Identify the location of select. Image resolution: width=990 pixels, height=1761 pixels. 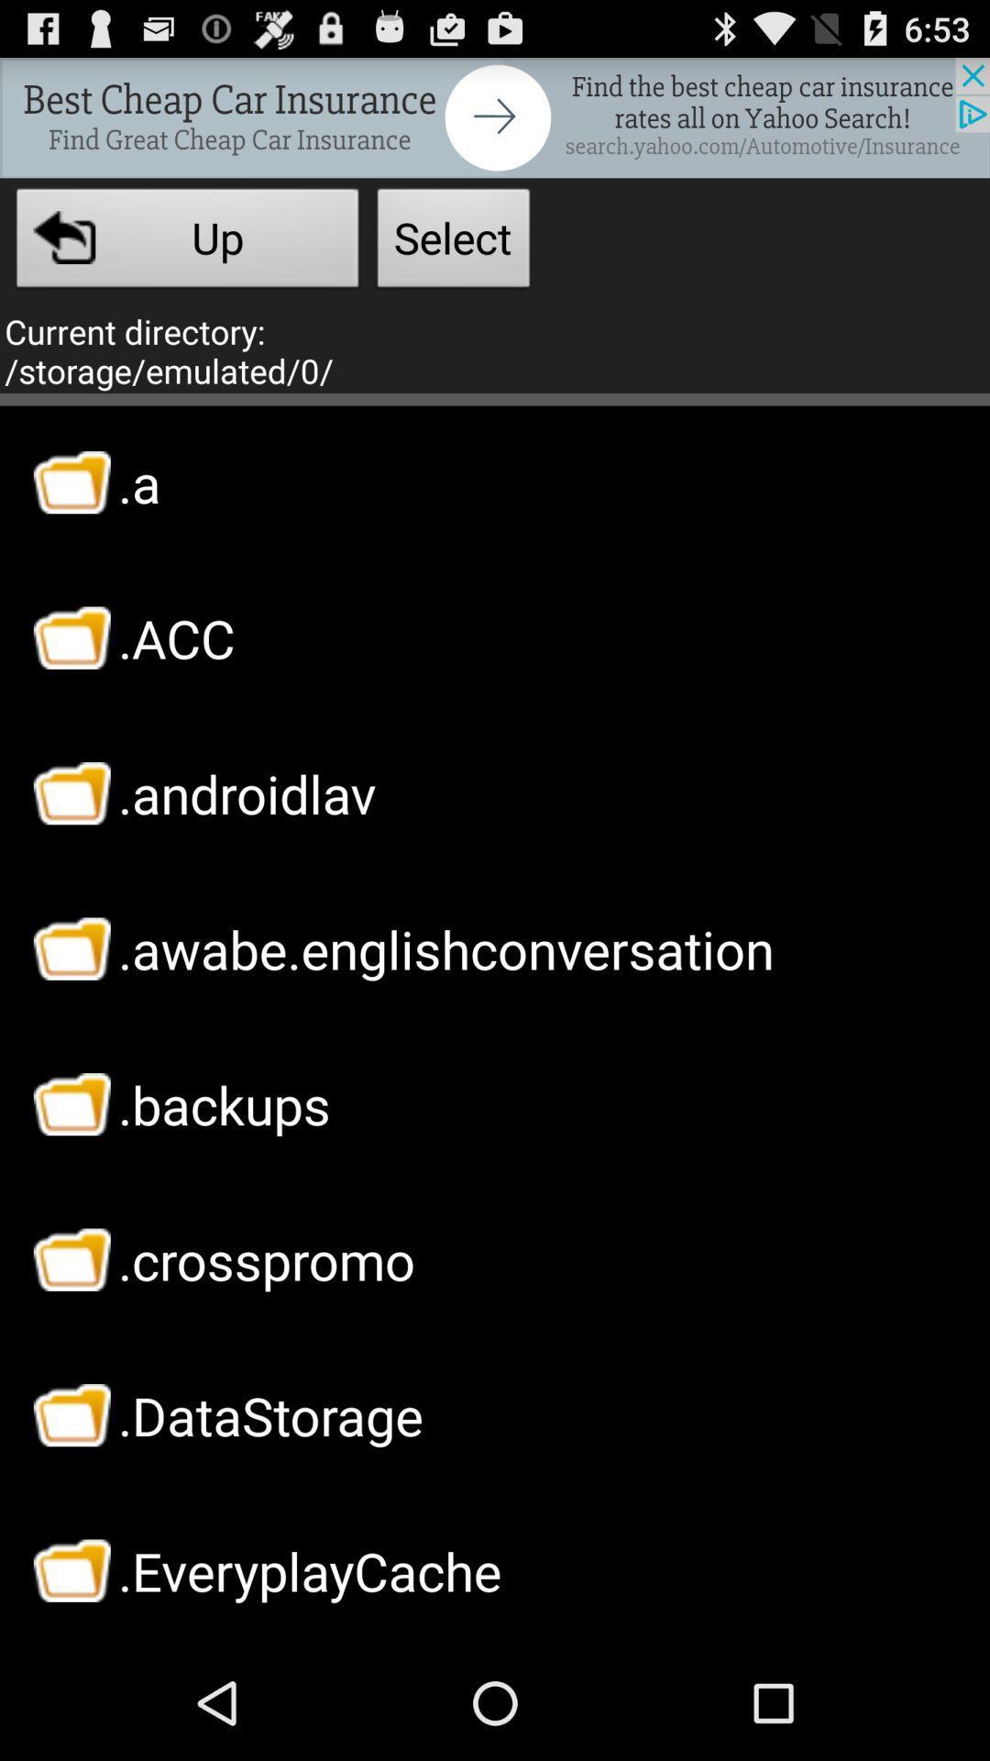
(454, 242).